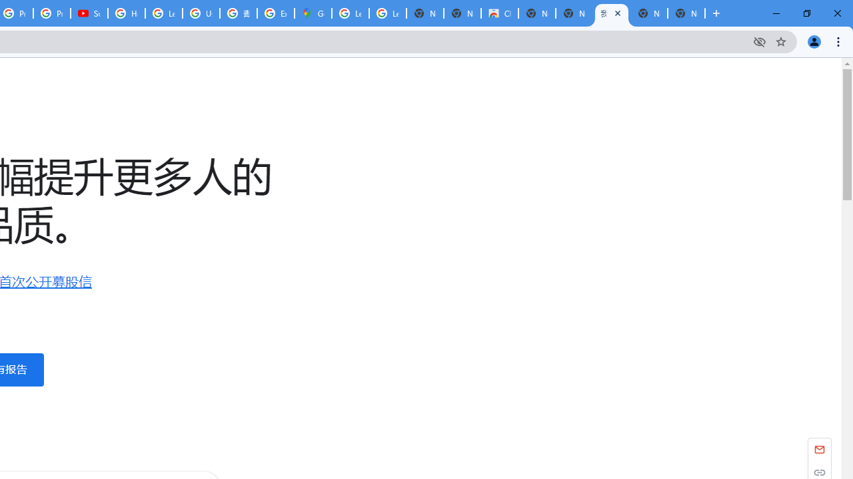 The height and width of the screenshot is (479, 853). I want to click on 'Subscriptions - YouTube', so click(89, 13).